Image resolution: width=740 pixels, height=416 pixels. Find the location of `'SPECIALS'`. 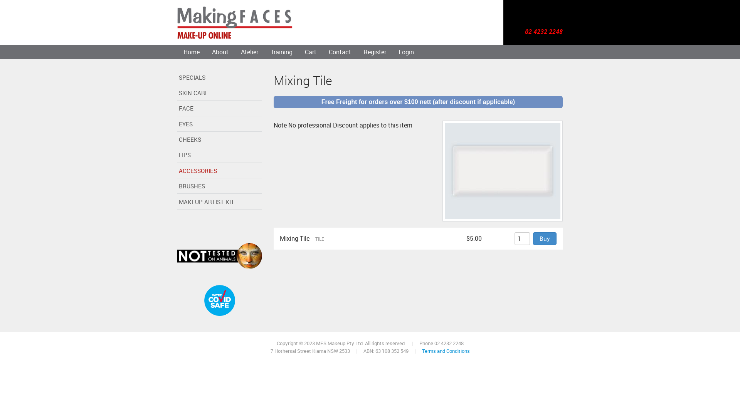

'SPECIALS' is located at coordinates (219, 78).